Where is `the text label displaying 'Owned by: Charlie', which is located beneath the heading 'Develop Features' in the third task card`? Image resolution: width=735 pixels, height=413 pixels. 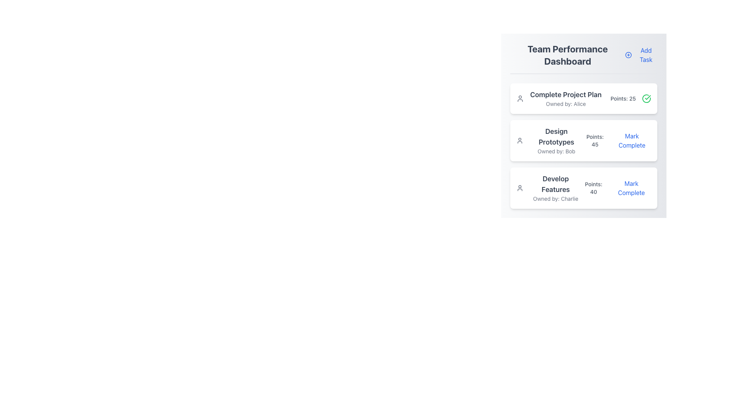
the text label displaying 'Owned by: Charlie', which is located beneath the heading 'Develop Features' in the third task card is located at coordinates (555, 198).